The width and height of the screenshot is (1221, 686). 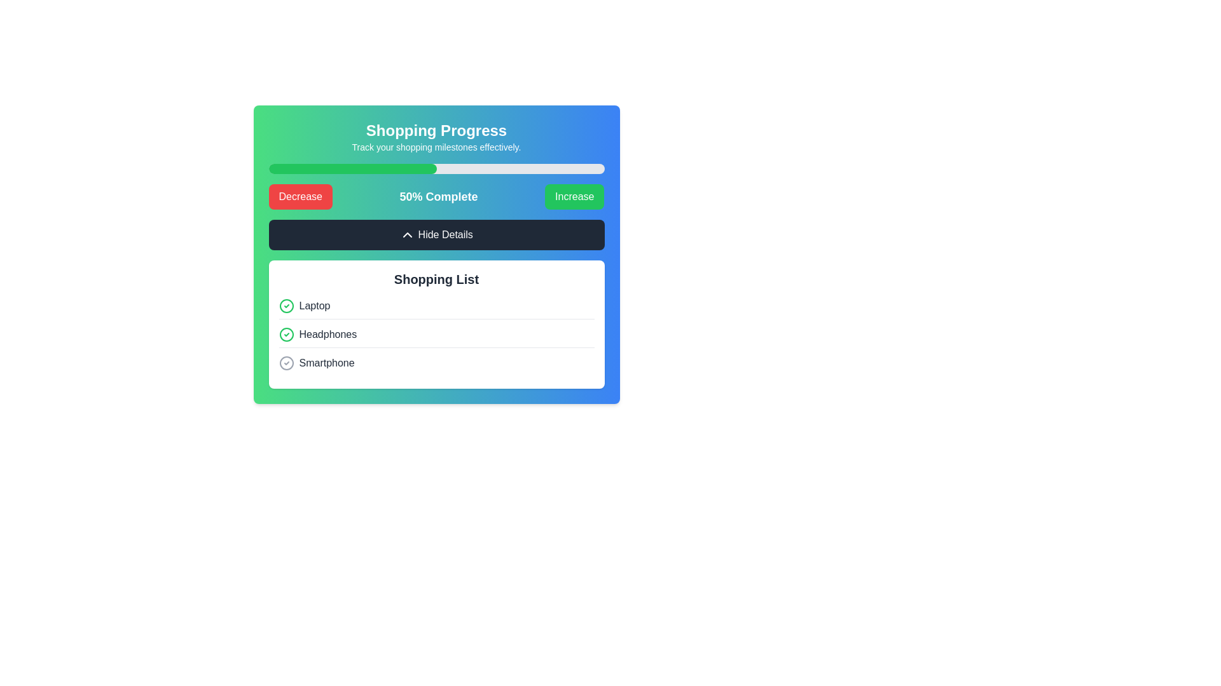 What do you see at coordinates (314, 306) in the screenshot?
I see `the text label positioned in the 'Shopping List' section, to the right of the 'circle-check' icon, which is the first item in the list` at bounding box center [314, 306].